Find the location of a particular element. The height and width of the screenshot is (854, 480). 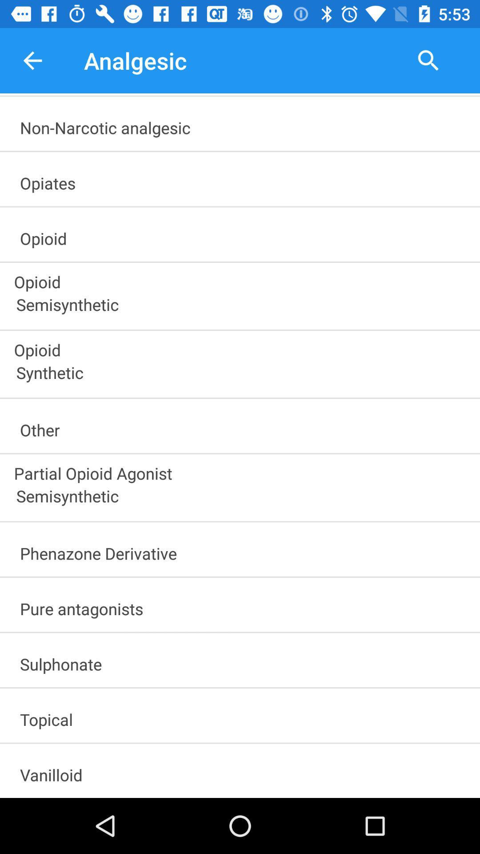

phenazone derivative item is located at coordinates (244, 550).